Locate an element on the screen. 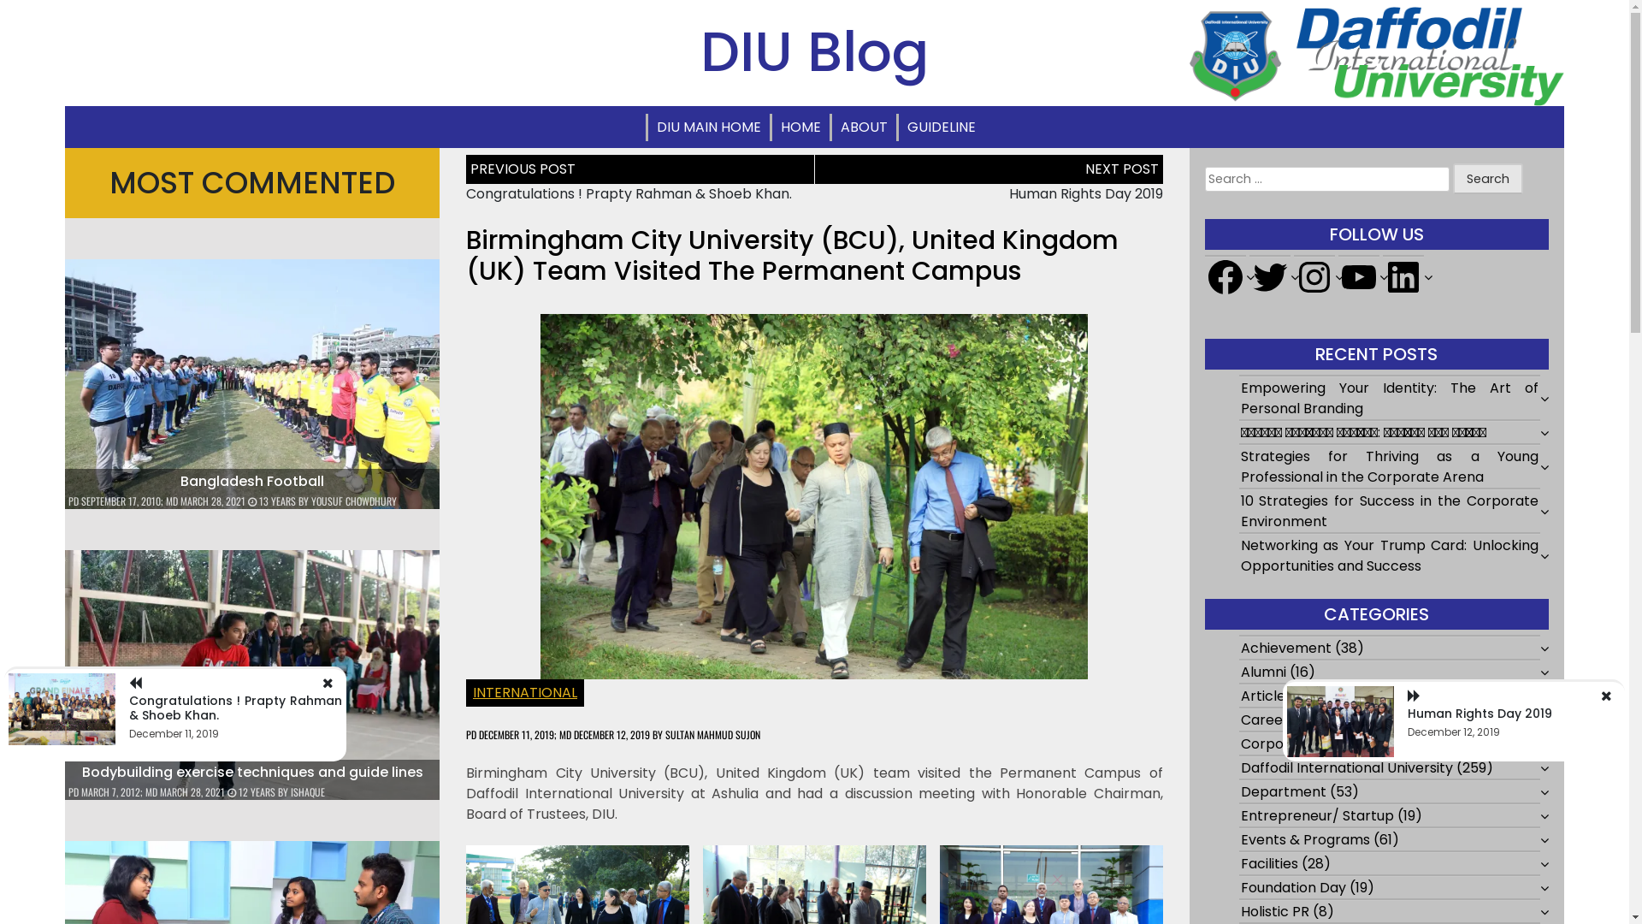  'Events & Programs' is located at coordinates (1304, 838).